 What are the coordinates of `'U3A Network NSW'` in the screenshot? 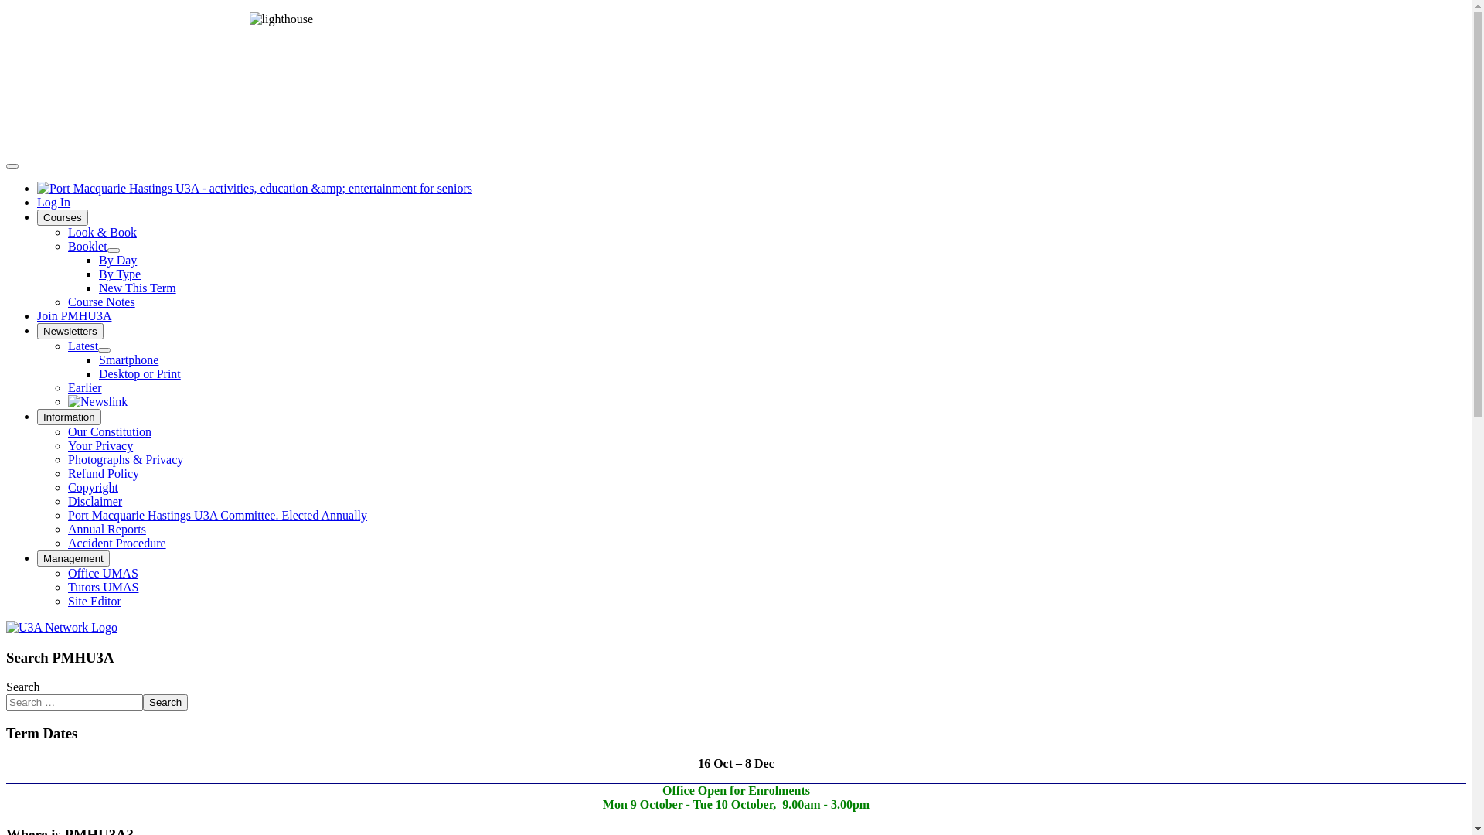 It's located at (6, 627).